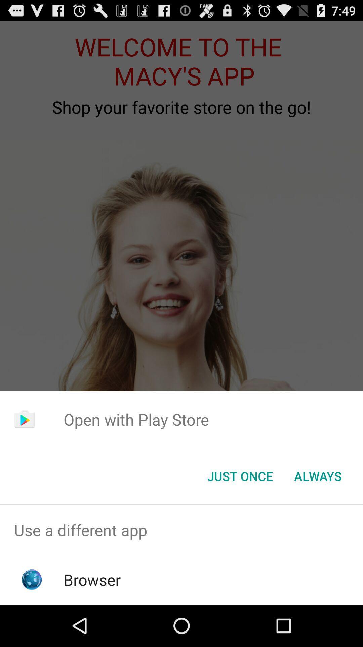 The width and height of the screenshot is (363, 647). I want to click on the icon next to just once button, so click(318, 475).